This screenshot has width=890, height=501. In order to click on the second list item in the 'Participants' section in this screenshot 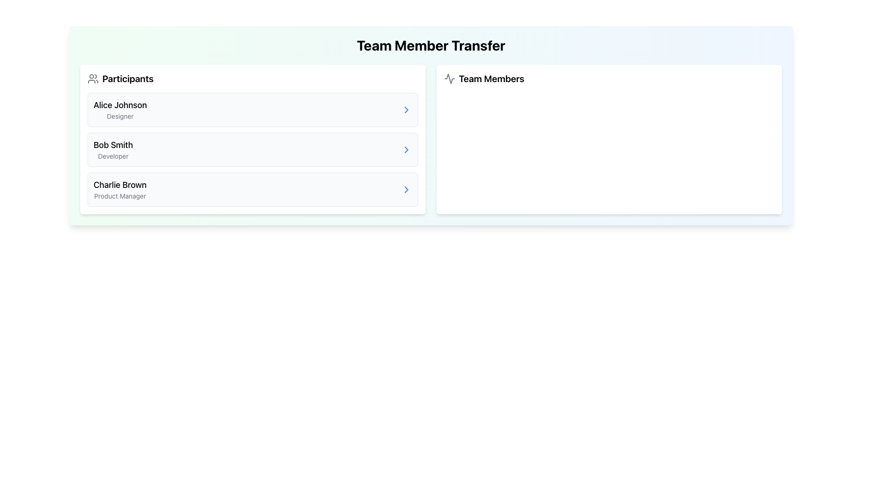, I will do `click(253, 149)`.